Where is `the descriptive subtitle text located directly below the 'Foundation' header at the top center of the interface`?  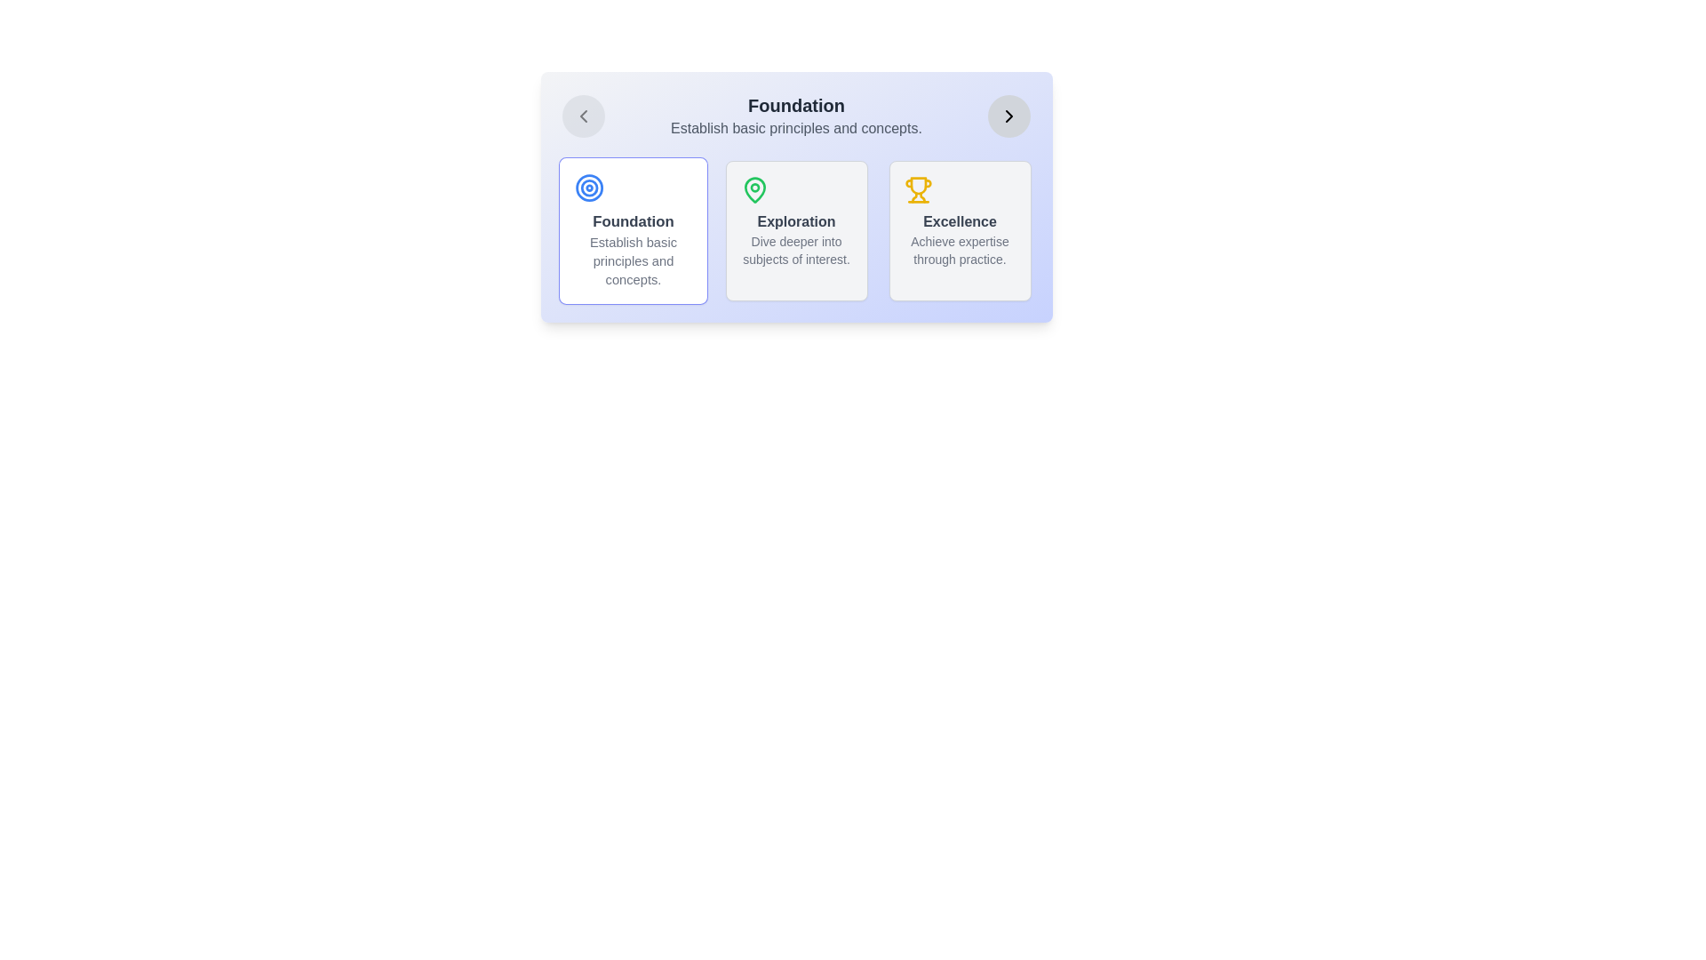
the descriptive subtitle text located directly below the 'Foundation' header at the top center of the interface is located at coordinates (795, 128).